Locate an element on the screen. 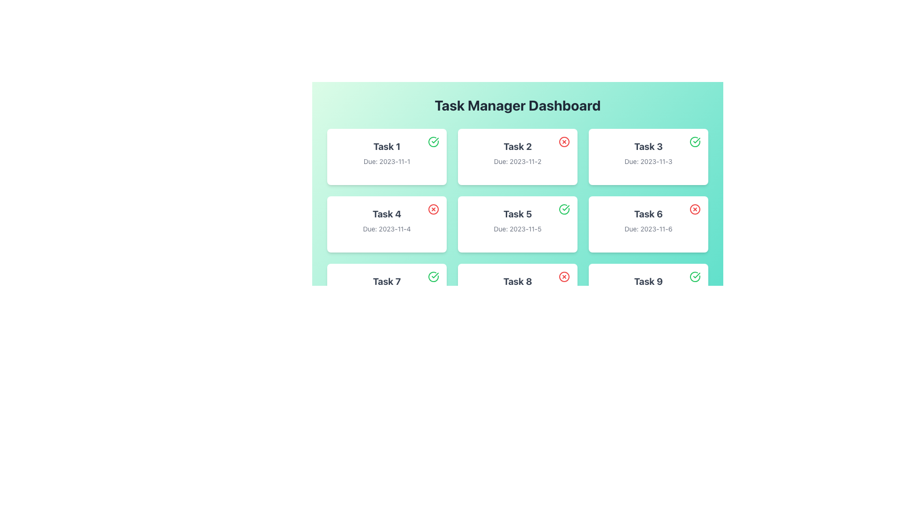 The height and width of the screenshot is (506, 900). title text at the top center of the dashboard, which provides context to the user about the displayed interface is located at coordinates (517, 105).